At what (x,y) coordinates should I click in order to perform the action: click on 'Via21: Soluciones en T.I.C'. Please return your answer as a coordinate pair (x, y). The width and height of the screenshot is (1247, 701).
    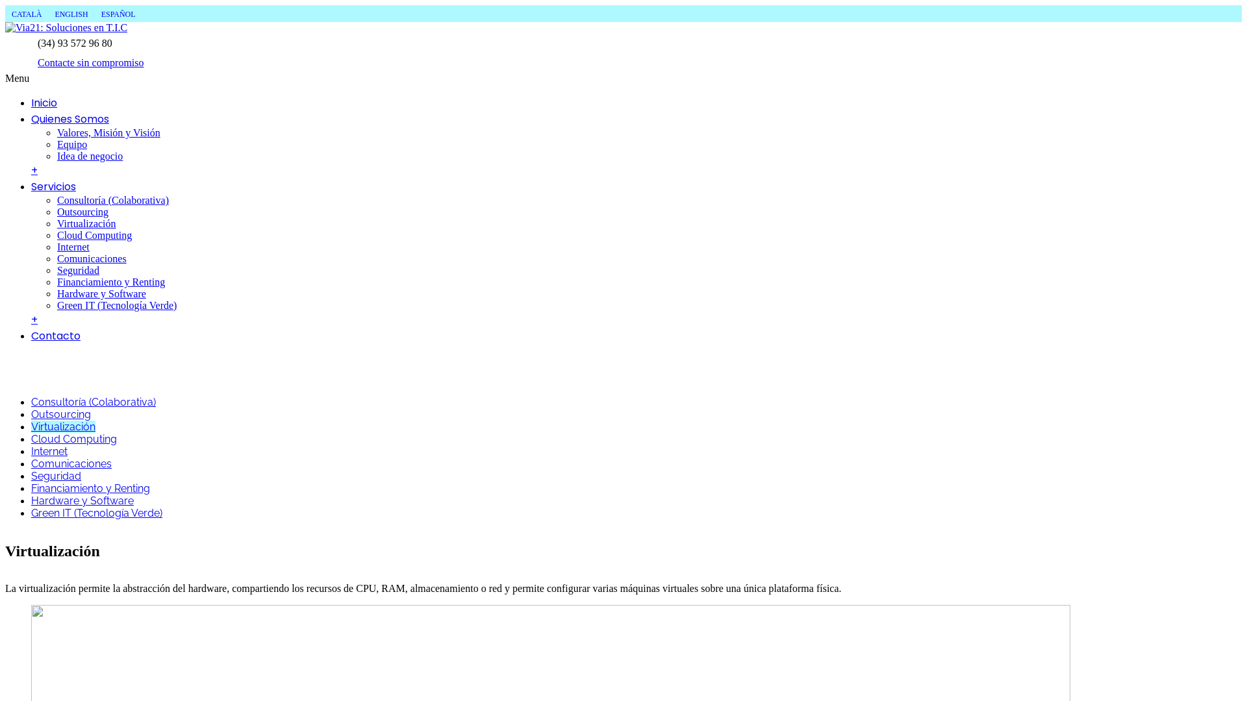
    Looking at the image, I should click on (65, 27).